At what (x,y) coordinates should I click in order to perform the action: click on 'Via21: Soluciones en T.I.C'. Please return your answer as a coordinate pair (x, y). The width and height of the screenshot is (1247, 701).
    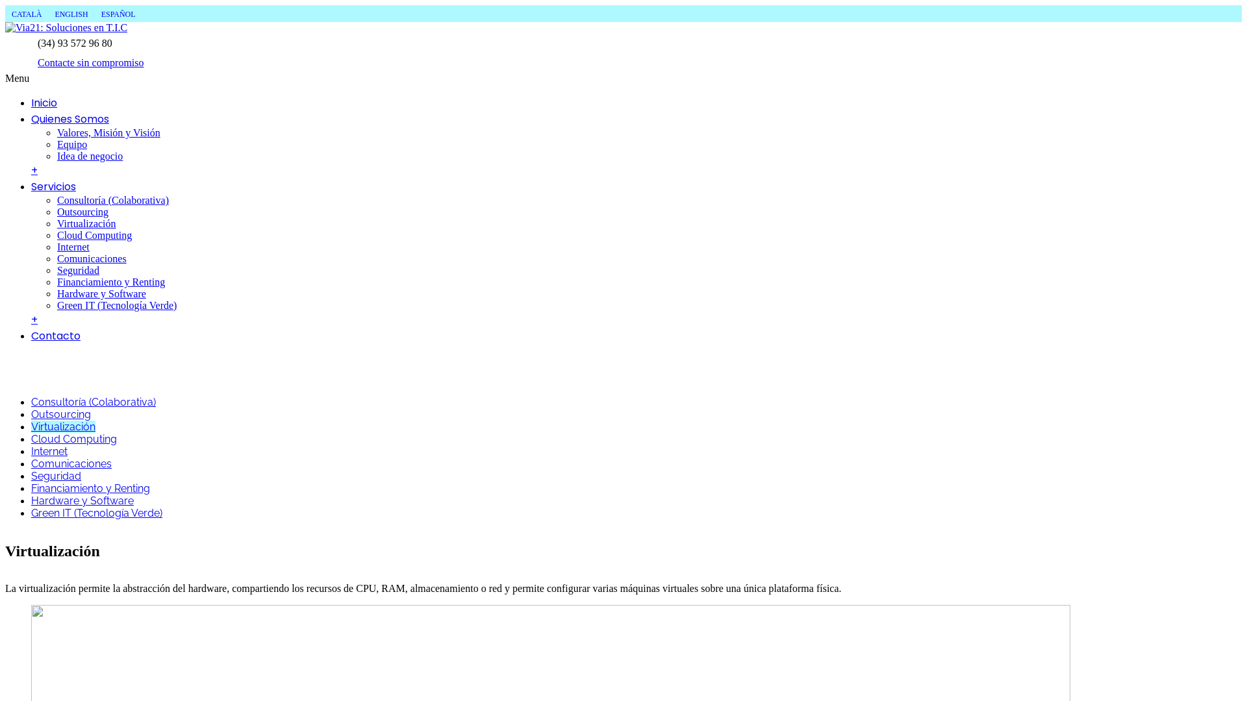
    Looking at the image, I should click on (65, 27).